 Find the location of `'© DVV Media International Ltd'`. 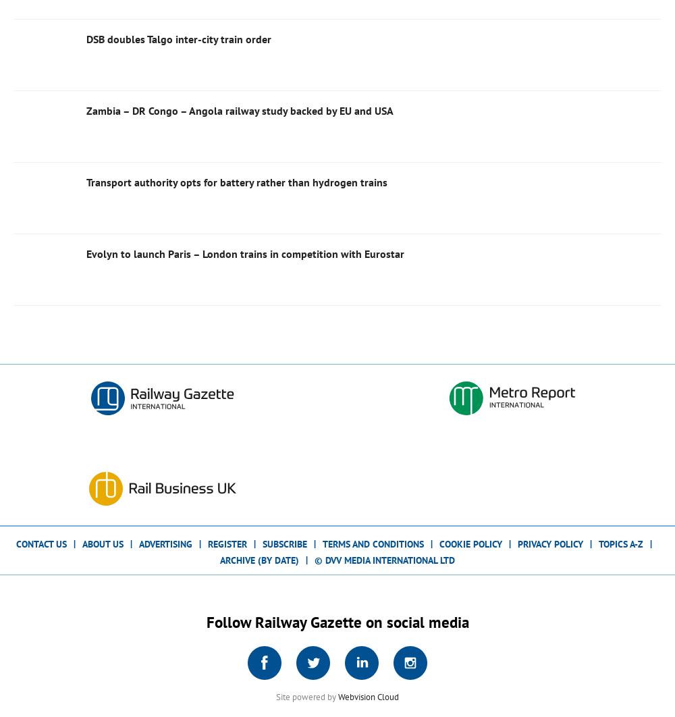

'© DVV Media International Ltd' is located at coordinates (384, 559).